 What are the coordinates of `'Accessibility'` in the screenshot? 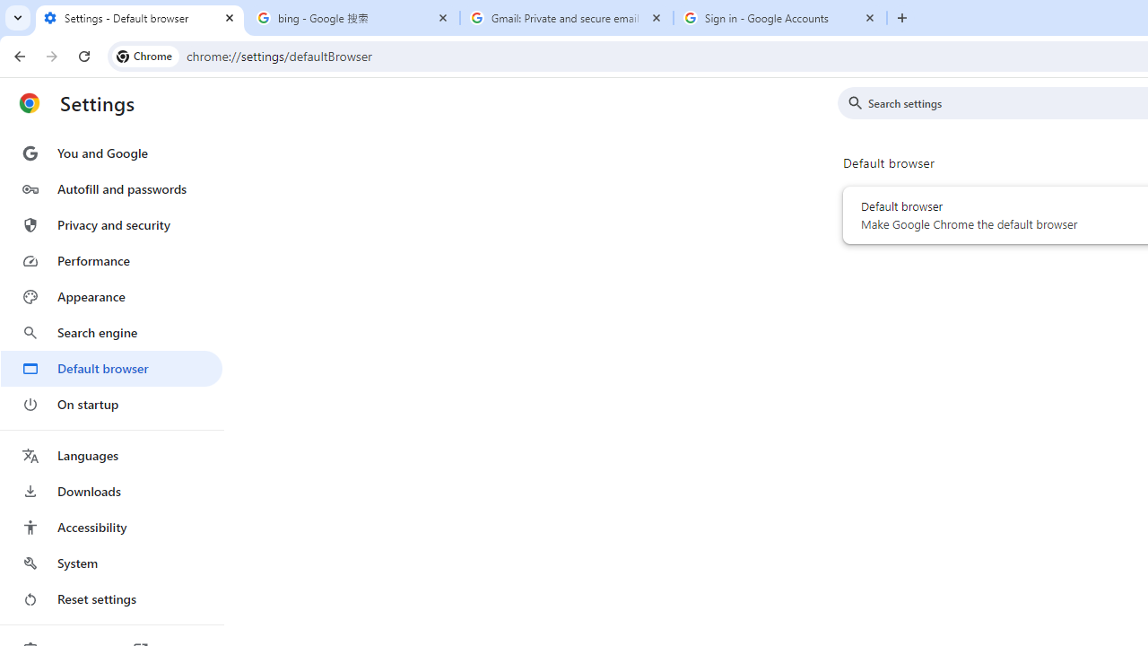 It's located at (110, 526).